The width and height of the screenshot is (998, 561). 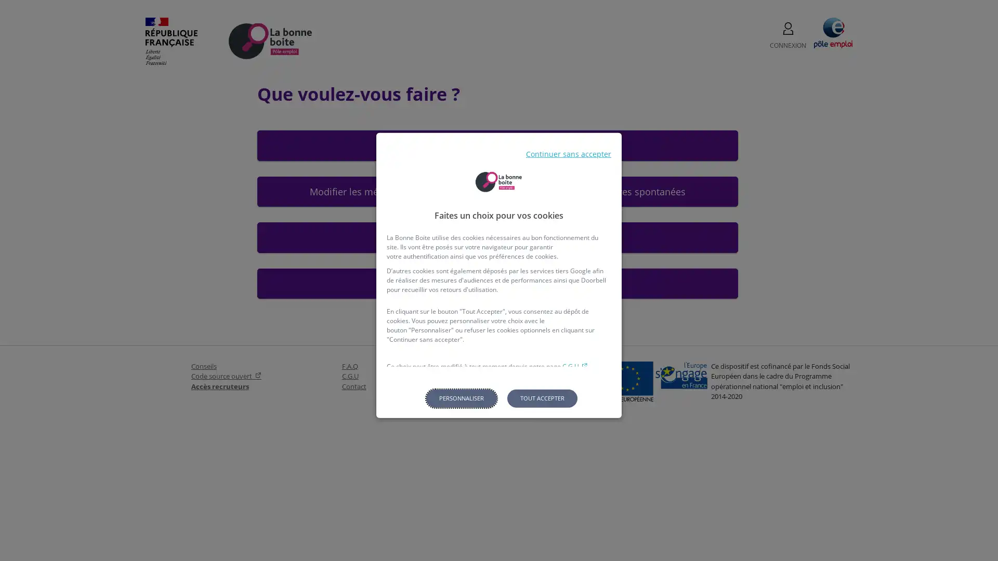 What do you see at coordinates (788, 35) in the screenshot?
I see `CONNEXION` at bounding box center [788, 35].